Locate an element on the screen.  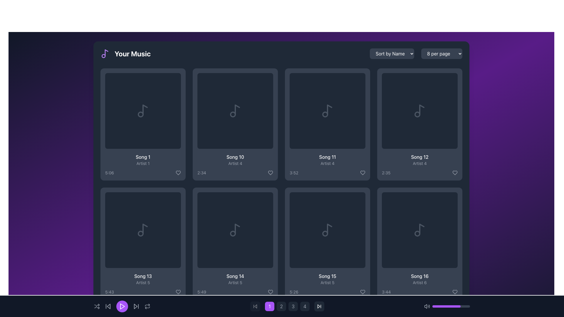
the fourth button in the horizontal row at the bottom of the interface to change its color is located at coordinates (305, 306).